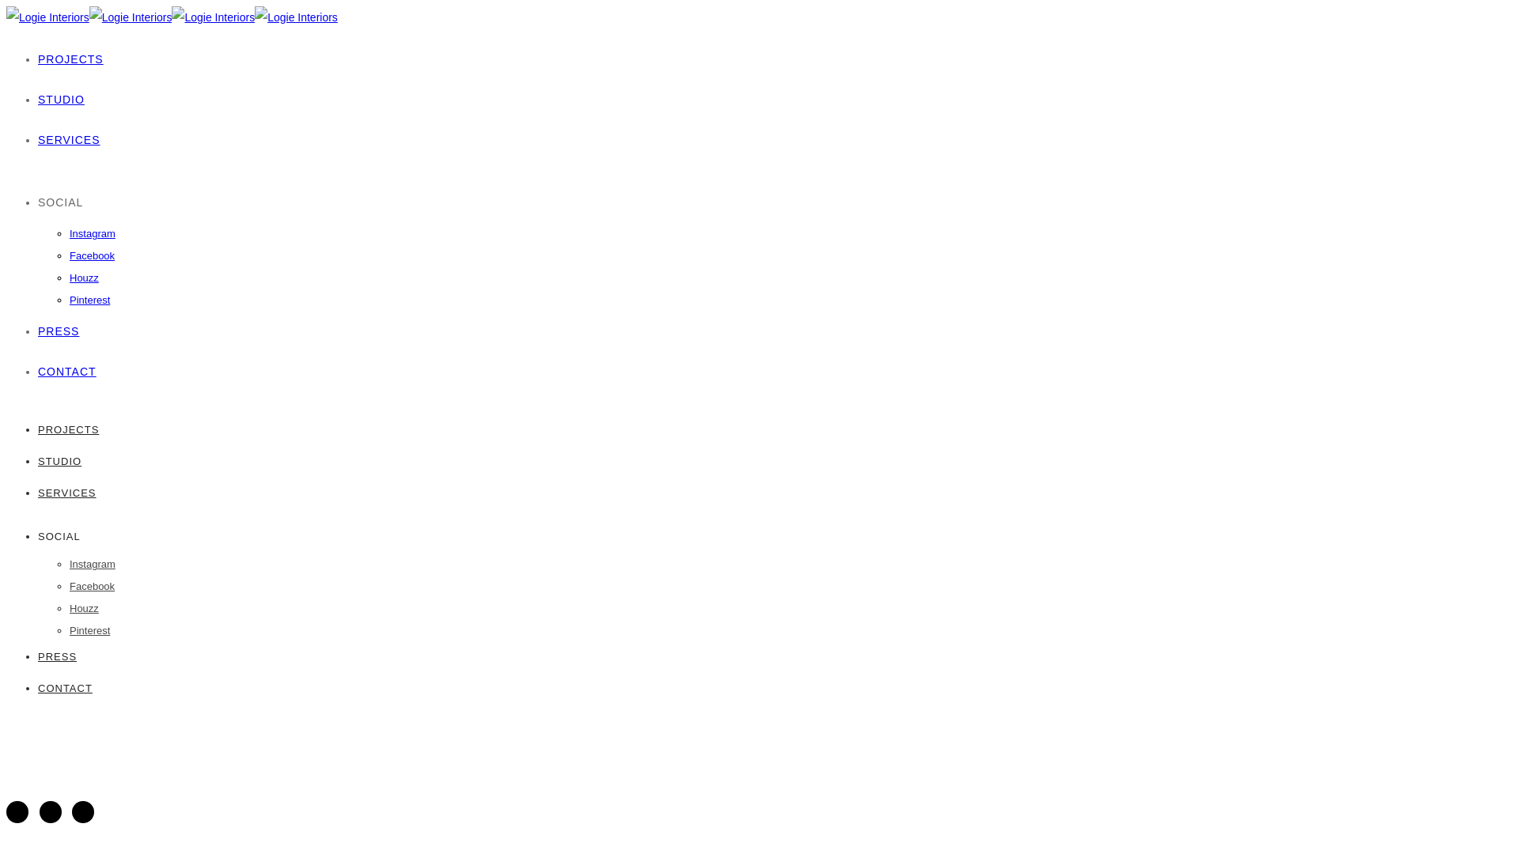 The height and width of the screenshot is (854, 1519). I want to click on 'PROJECTS', so click(38, 429).